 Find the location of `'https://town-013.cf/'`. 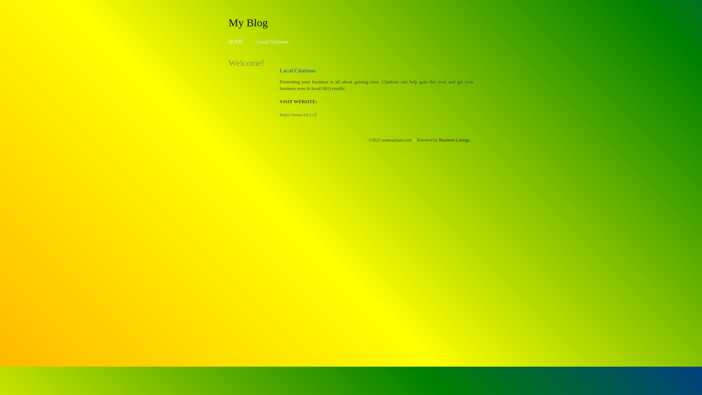

'https://town-013.cf/' is located at coordinates (298, 114).